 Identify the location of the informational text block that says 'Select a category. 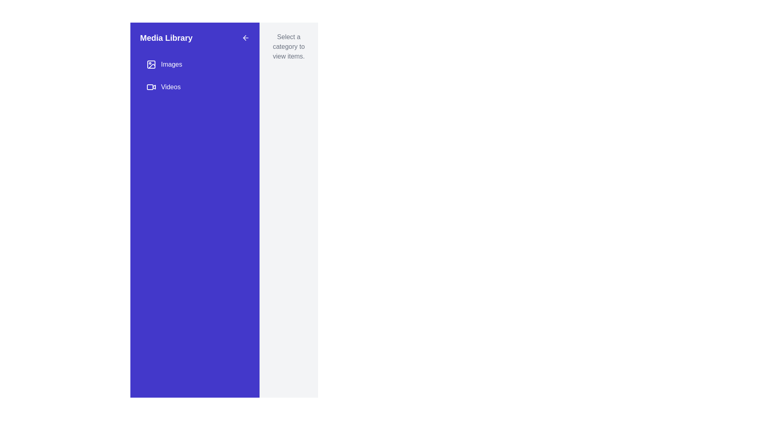
(289, 46).